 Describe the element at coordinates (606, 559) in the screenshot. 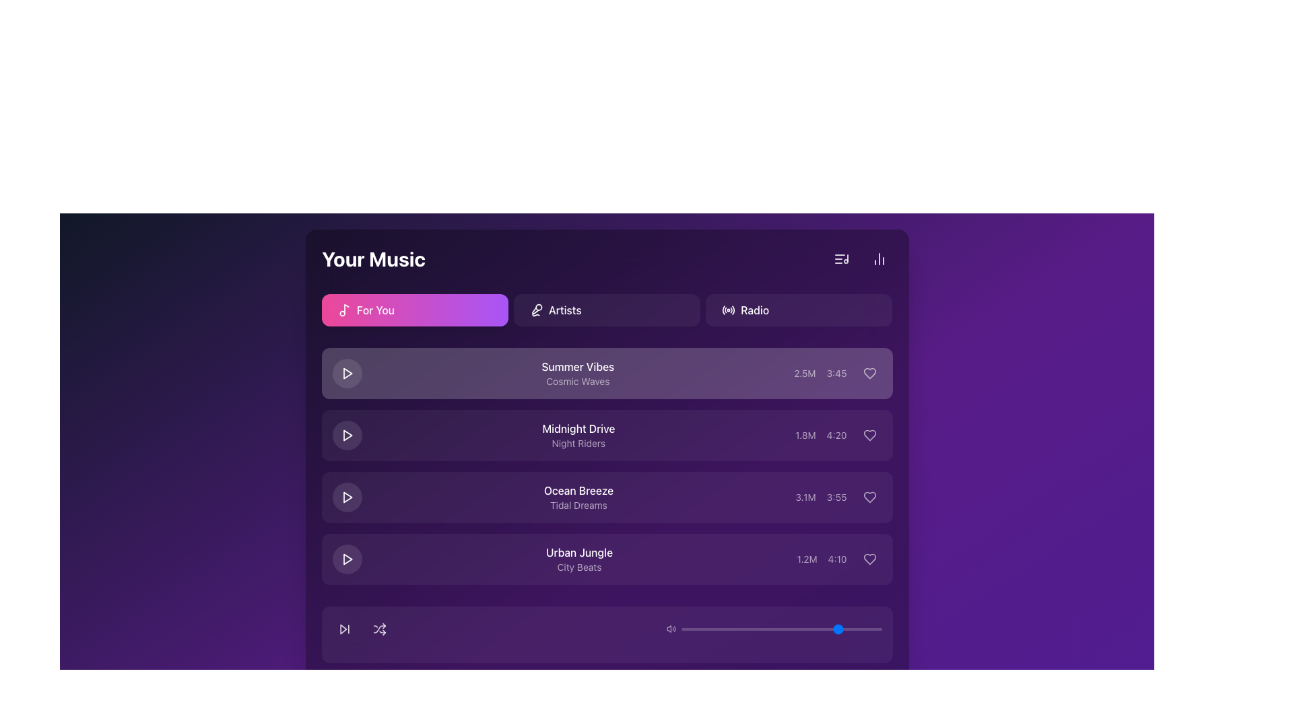

I see `the fourth music track list item` at that location.